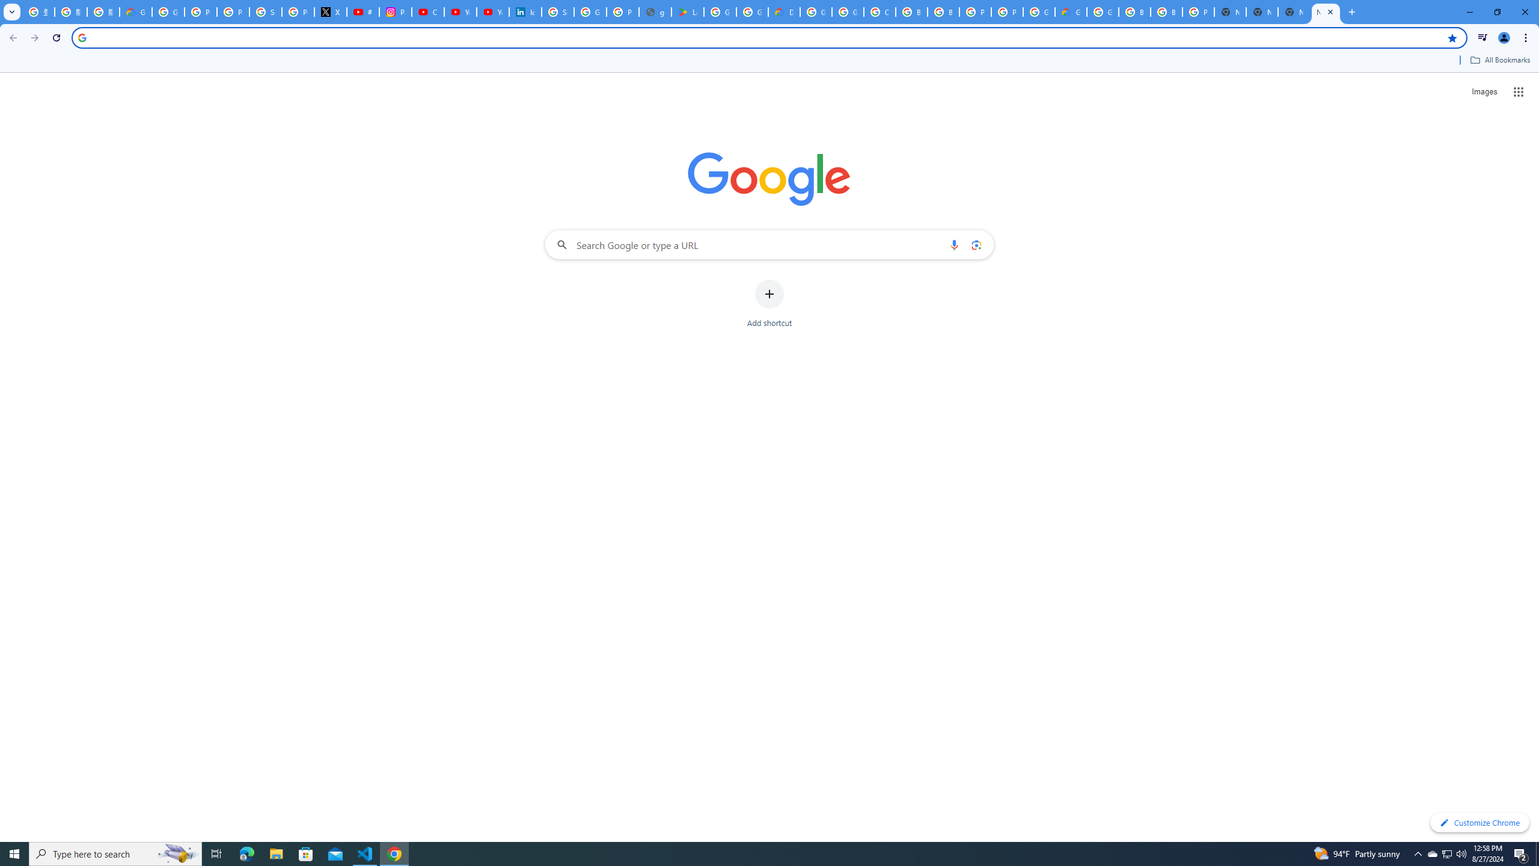 The image size is (1539, 866). What do you see at coordinates (363, 11) in the screenshot?
I see `'#nbabasketballhighlights - YouTube'` at bounding box center [363, 11].